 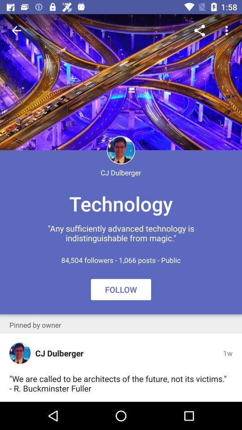 What do you see at coordinates (20, 353) in the screenshot?
I see `app below the pinned by owner` at bounding box center [20, 353].